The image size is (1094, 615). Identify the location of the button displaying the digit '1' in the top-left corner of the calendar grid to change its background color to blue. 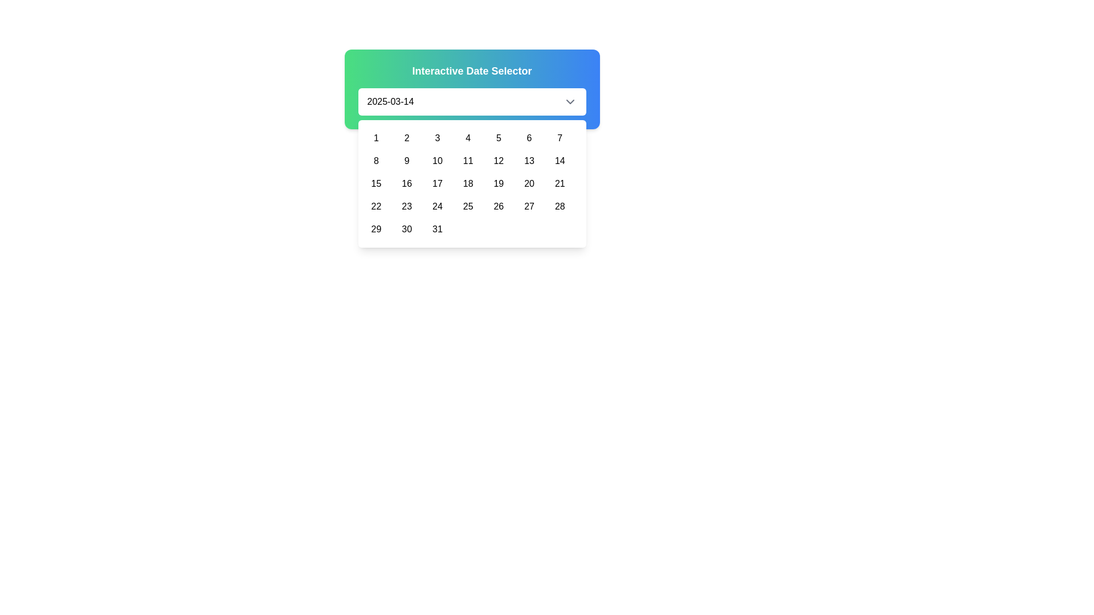
(376, 138).